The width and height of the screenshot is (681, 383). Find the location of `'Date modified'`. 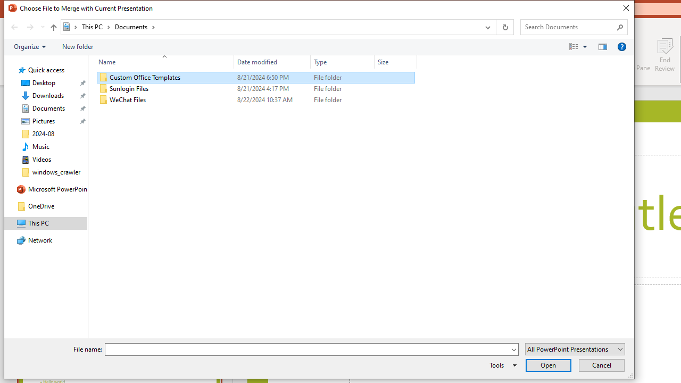

'Date modified' is located at coordinates (272, 62).